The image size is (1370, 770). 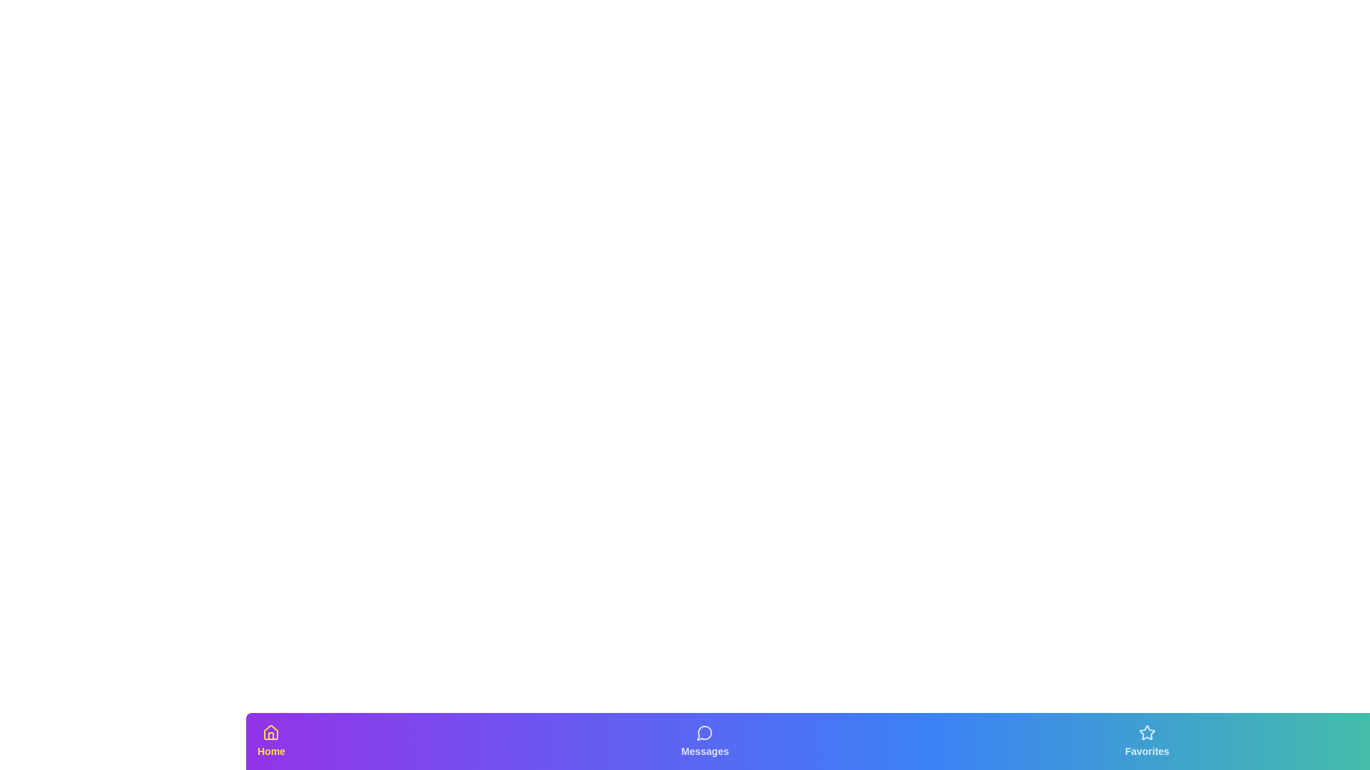 What do you see at coordinates (270, 741) in the screenshot?
I see `the Home tab in the bottom navigation bar` at bounding box center [270, 741].